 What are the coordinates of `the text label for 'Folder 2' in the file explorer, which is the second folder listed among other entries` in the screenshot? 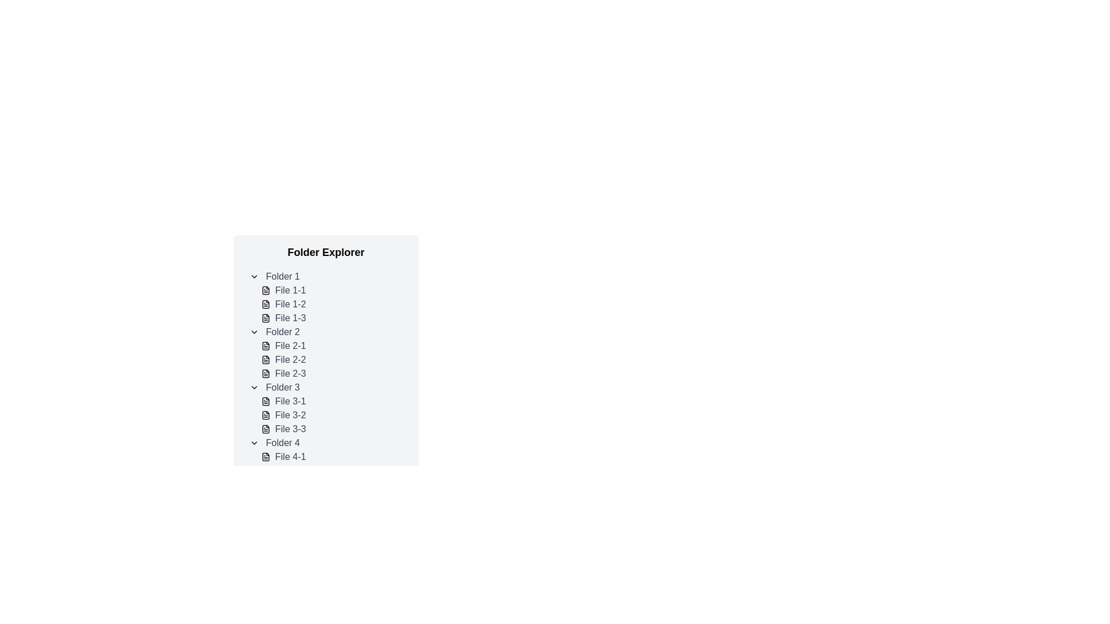 It's located at (283, 332).